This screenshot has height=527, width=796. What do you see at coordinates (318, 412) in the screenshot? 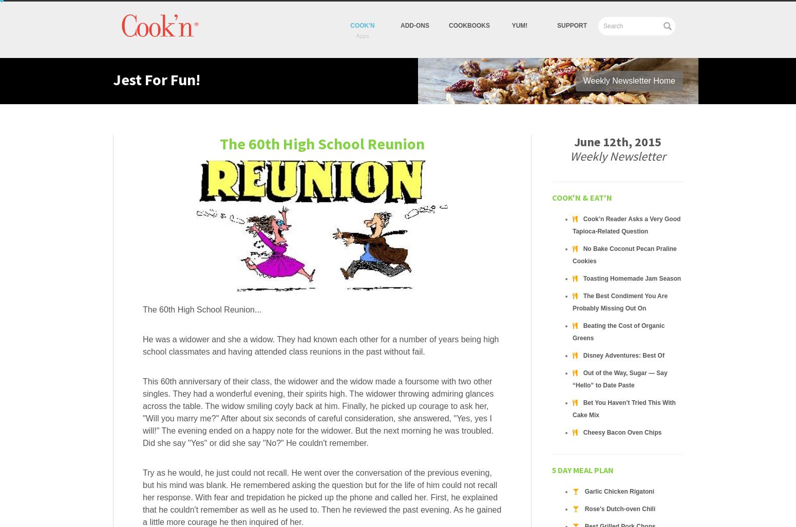
I see `'This 60th anniversary of their class, the widower and the widow made a foursome with two other singles. They had a wonderful evening, their spirits high.
    The widower throwing admiring glances across the table. The widow smiling coyly back at him. Finally, he picked up courage to ask her, "Will you marry me?"
    After about six seconds of careful consideration, she answered, "Yes, yes I will!" The evening ended on a happy note for the widower. But the next morning
    he was troubled. Did she say "Yes" or did she say "No?" He couldn't remember.'` at bounding box center [318, 412].